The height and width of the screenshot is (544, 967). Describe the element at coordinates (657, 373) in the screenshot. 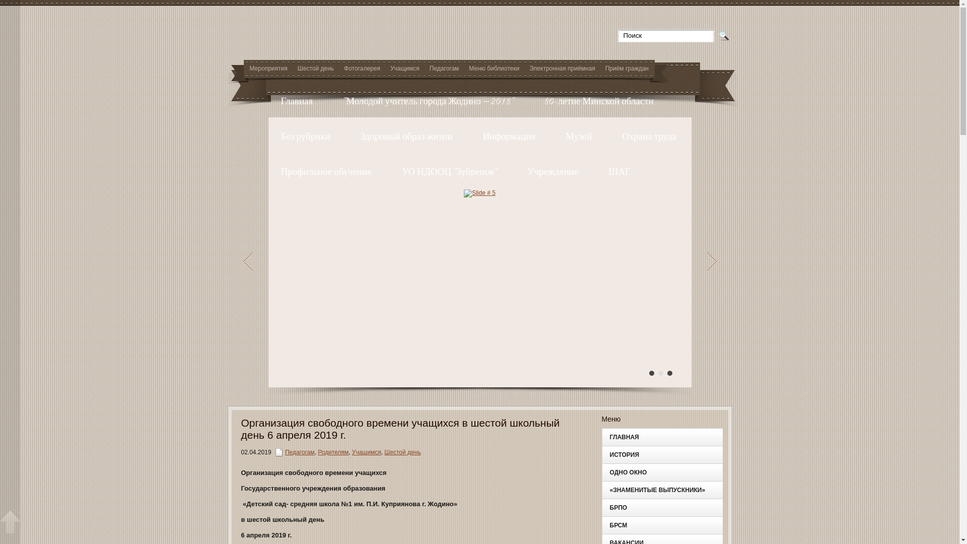

I see `'2'` at that location.